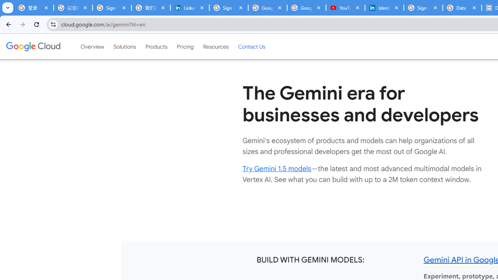 This screenshot has height=280, width=498. I want to click on 'Sign in - Google Accounts', so click(423, 8).